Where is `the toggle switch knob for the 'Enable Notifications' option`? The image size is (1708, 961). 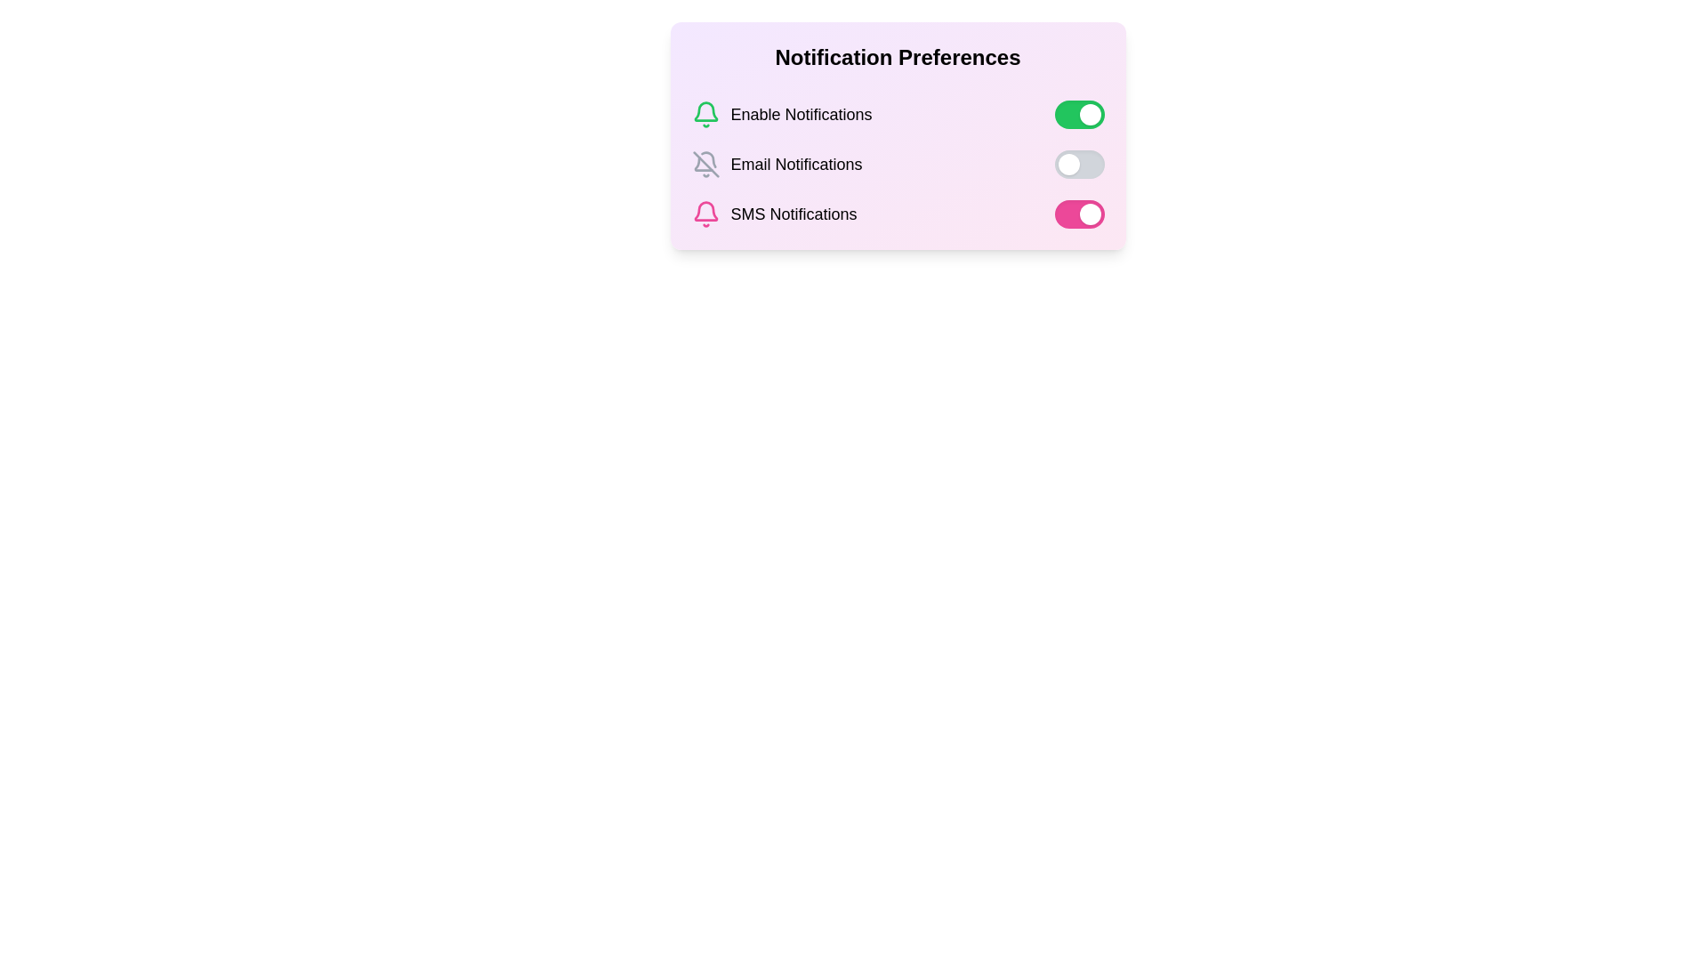 the toggle switch knob for the 'Enable Notifications' option is located at coordinates (1089, 114).